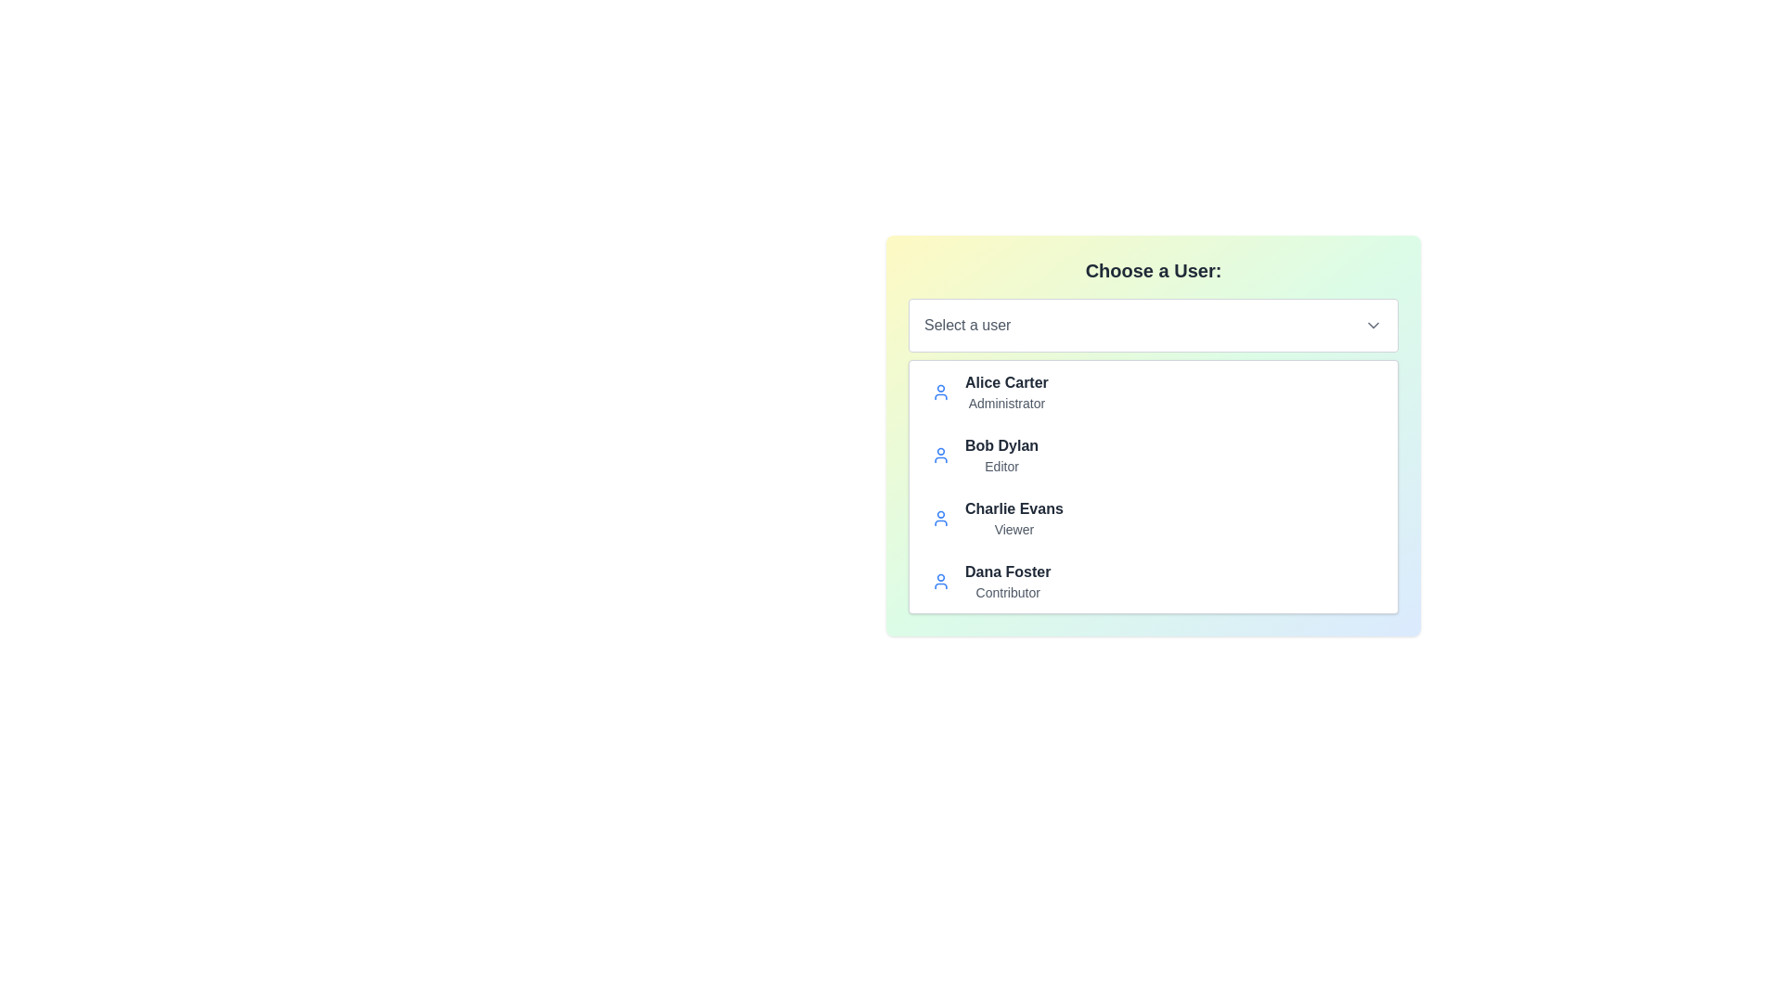  What do you see at coordinates (1153, 455) in the screenshot?
I see `the user list item featuring 'Bob Dylan' with the role 'Editor'` at bounding box center [1153, 455].